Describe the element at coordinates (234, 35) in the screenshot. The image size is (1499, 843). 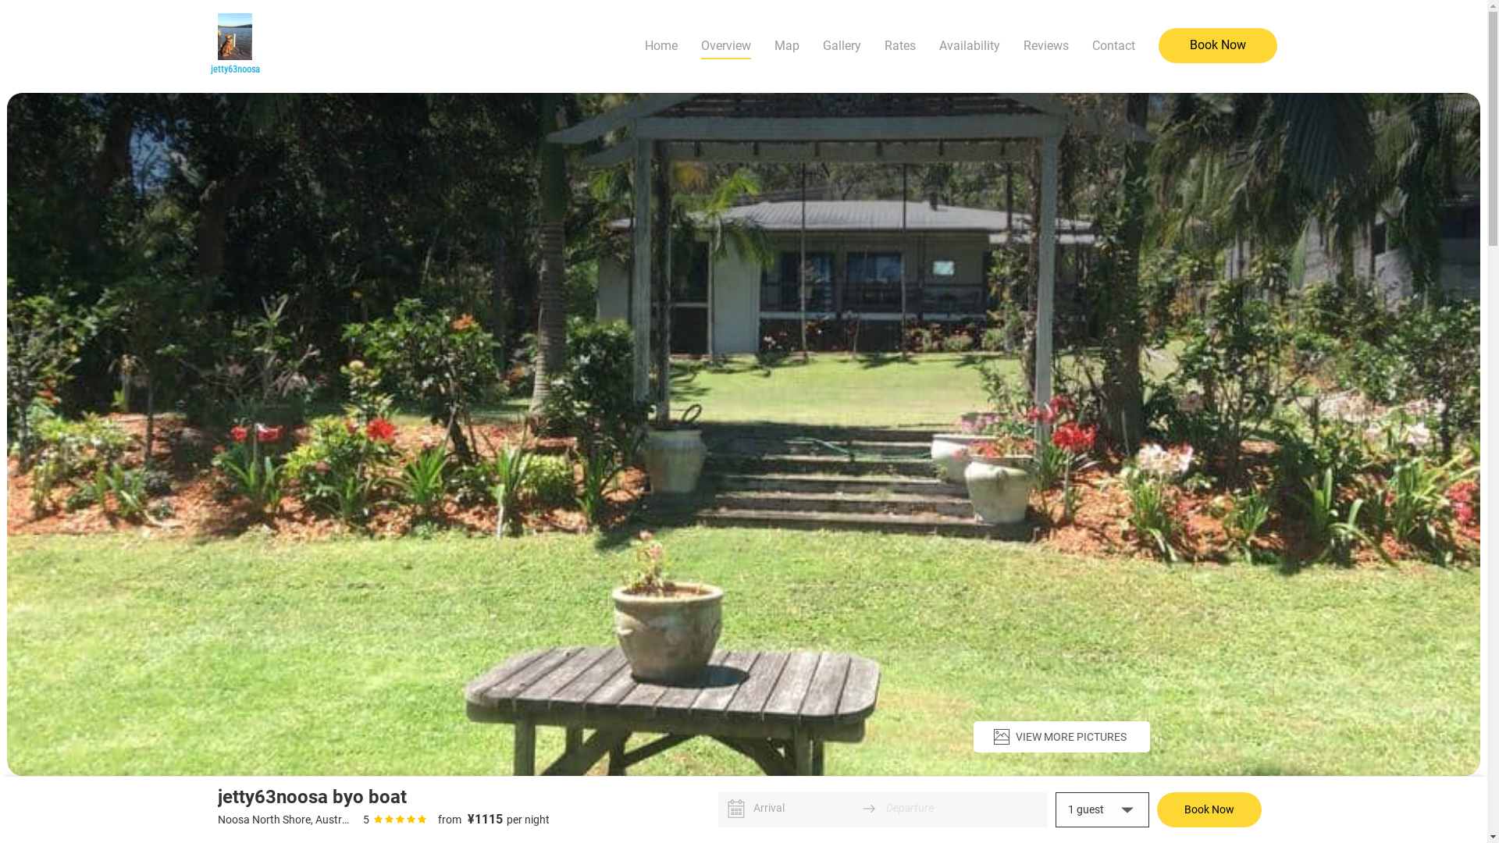
I see `'Image Title'` at that location.